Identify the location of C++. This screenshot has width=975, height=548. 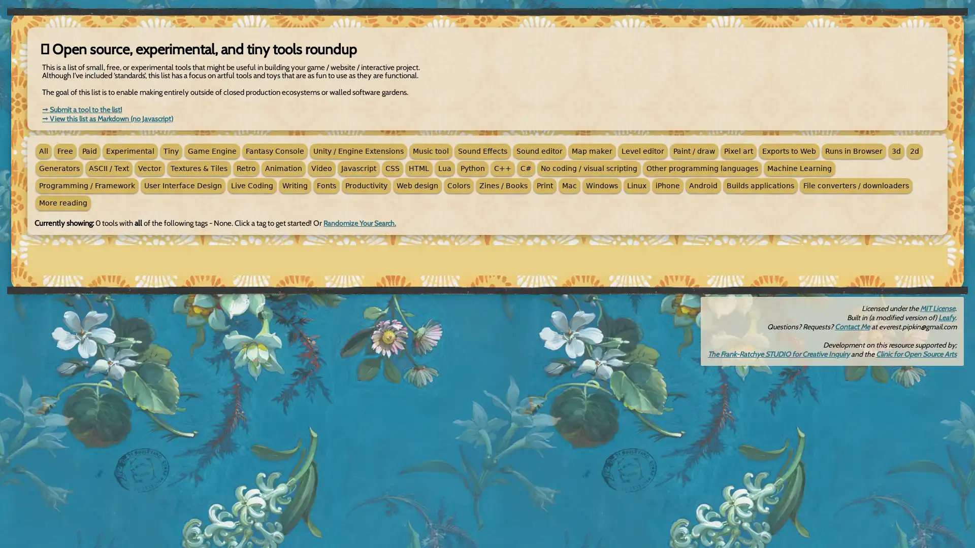
(502, 167).